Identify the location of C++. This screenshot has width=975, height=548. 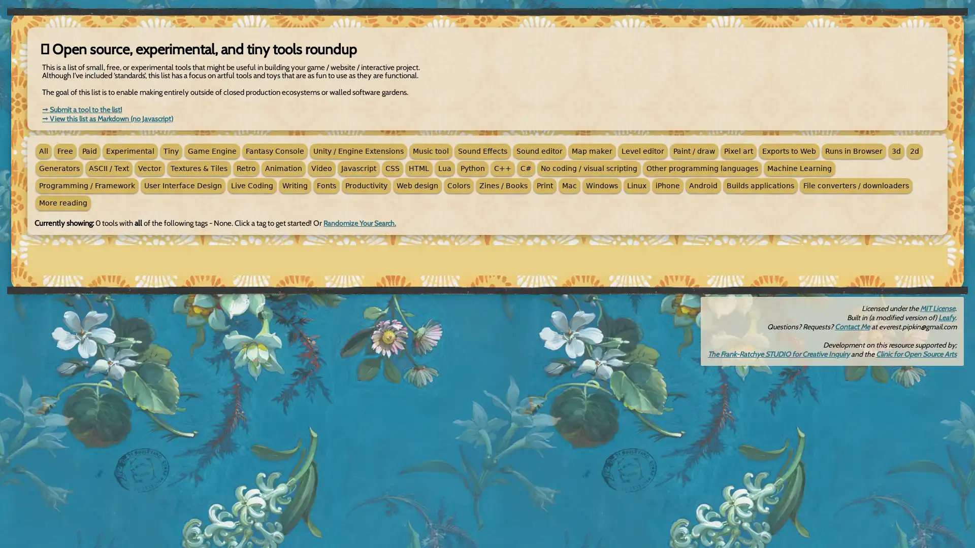
(502, 167).